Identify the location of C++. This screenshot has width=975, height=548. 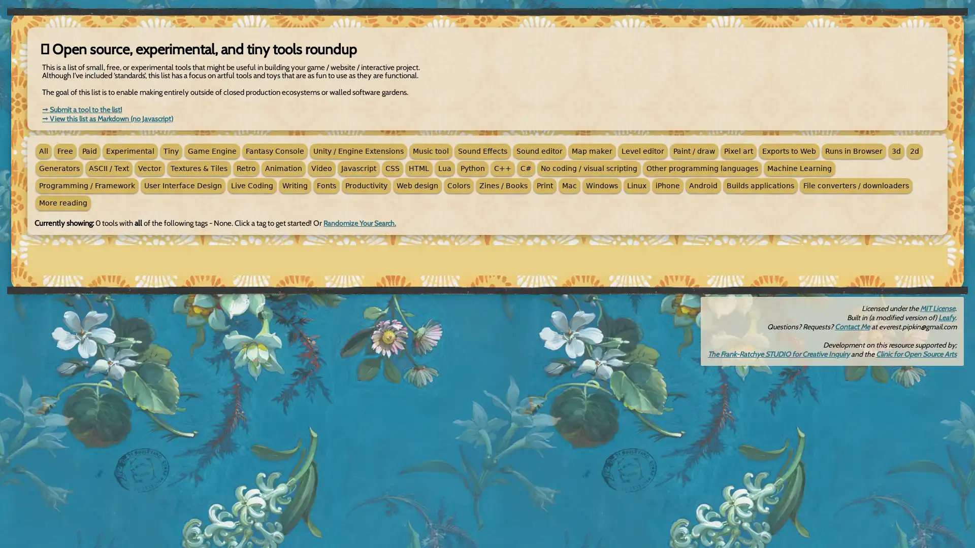
(502, 167).